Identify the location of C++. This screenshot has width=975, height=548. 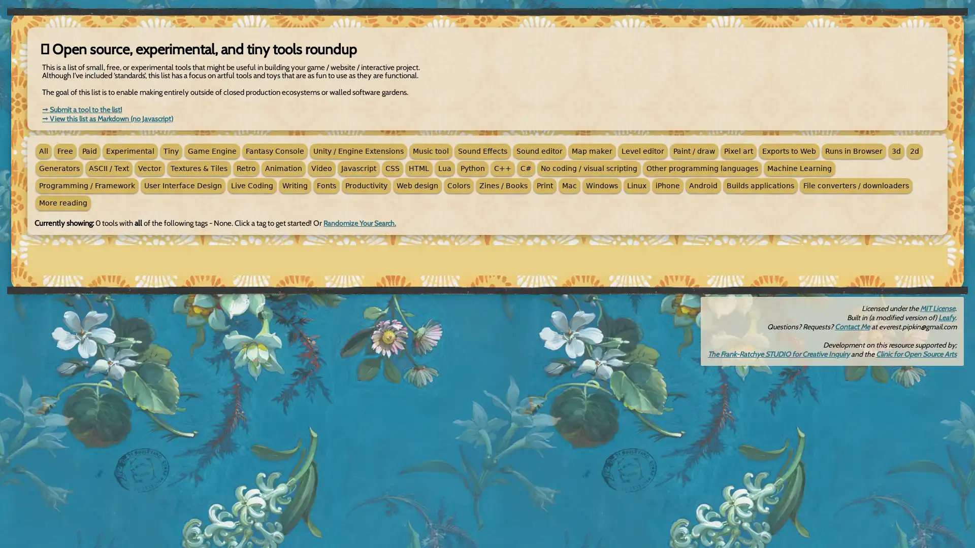
(502, 167).